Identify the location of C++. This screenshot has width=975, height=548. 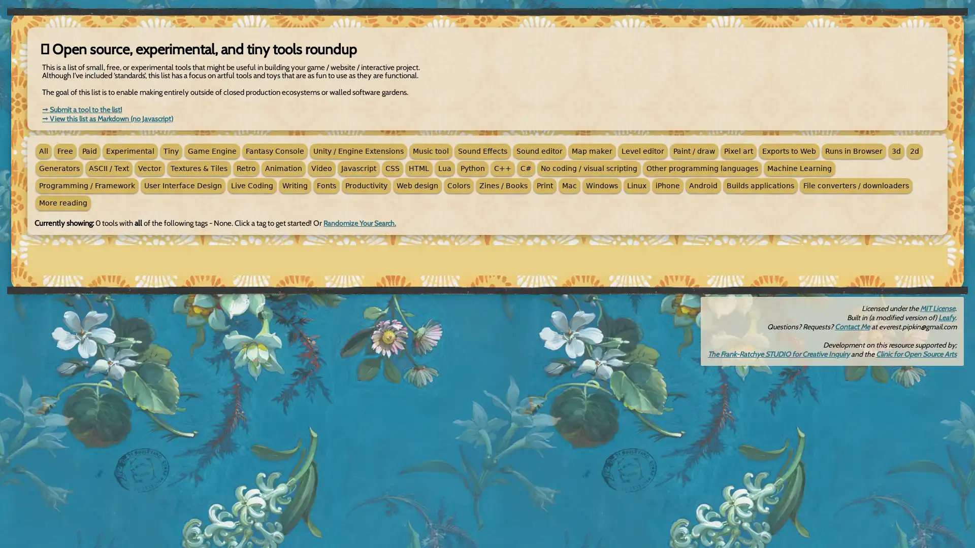
(502, 167).